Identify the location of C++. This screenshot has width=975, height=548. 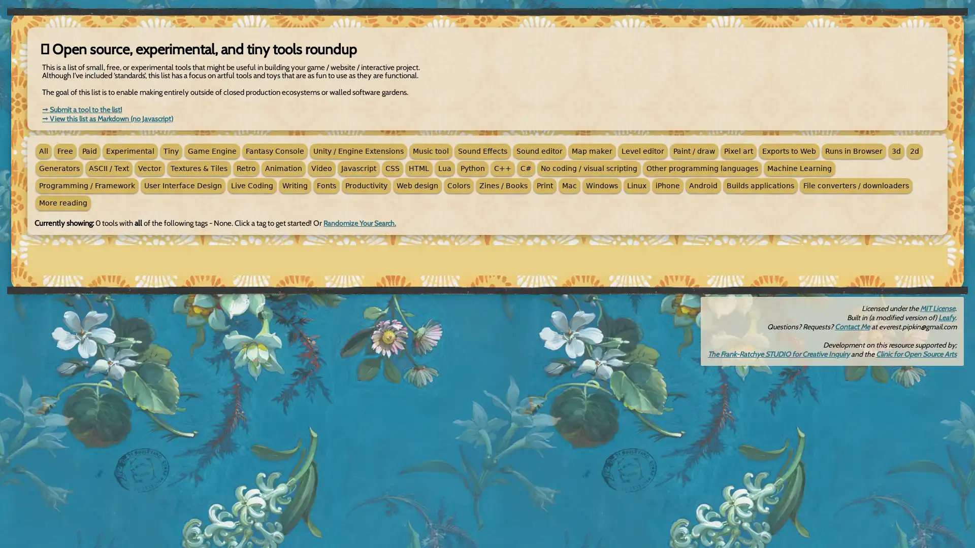
(502, 167).